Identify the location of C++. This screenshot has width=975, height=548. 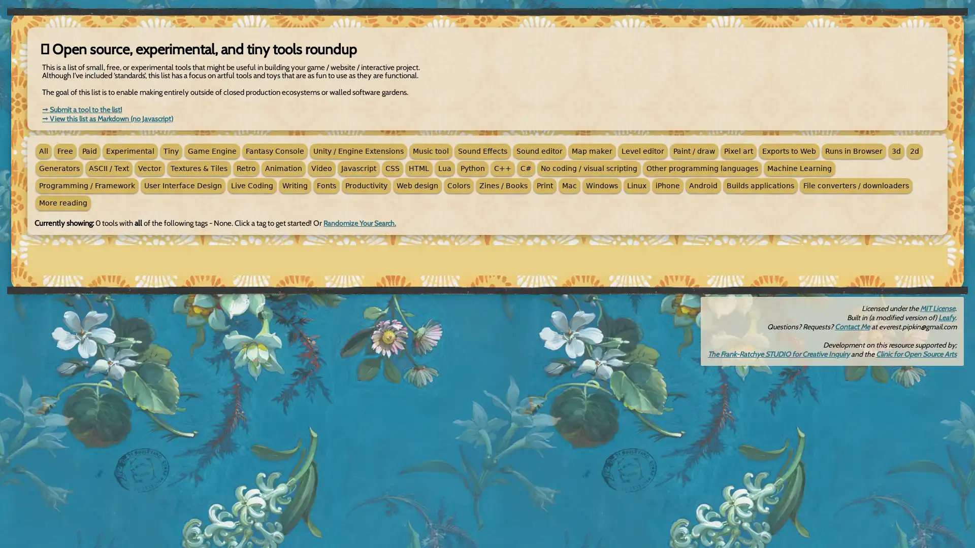
(502, 167).